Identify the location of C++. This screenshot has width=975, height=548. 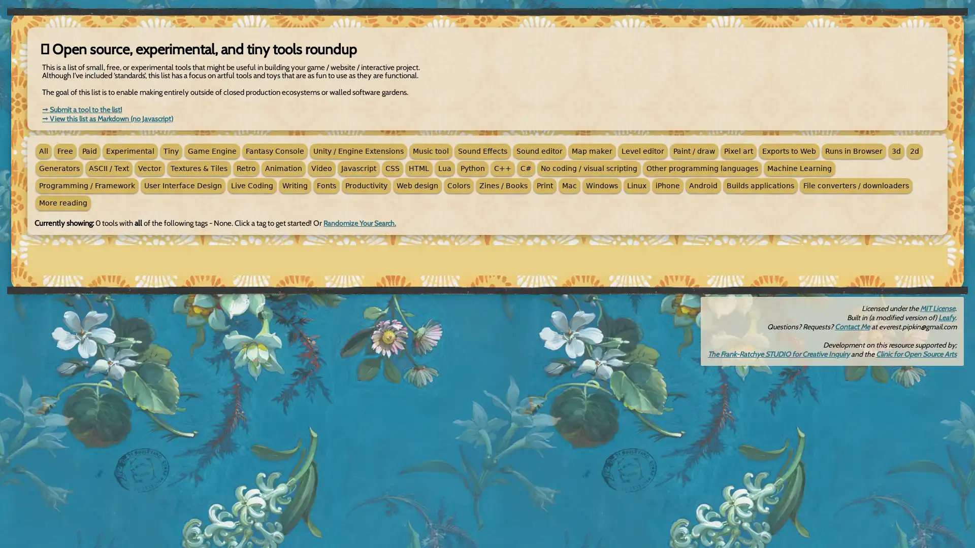
(502, 167).